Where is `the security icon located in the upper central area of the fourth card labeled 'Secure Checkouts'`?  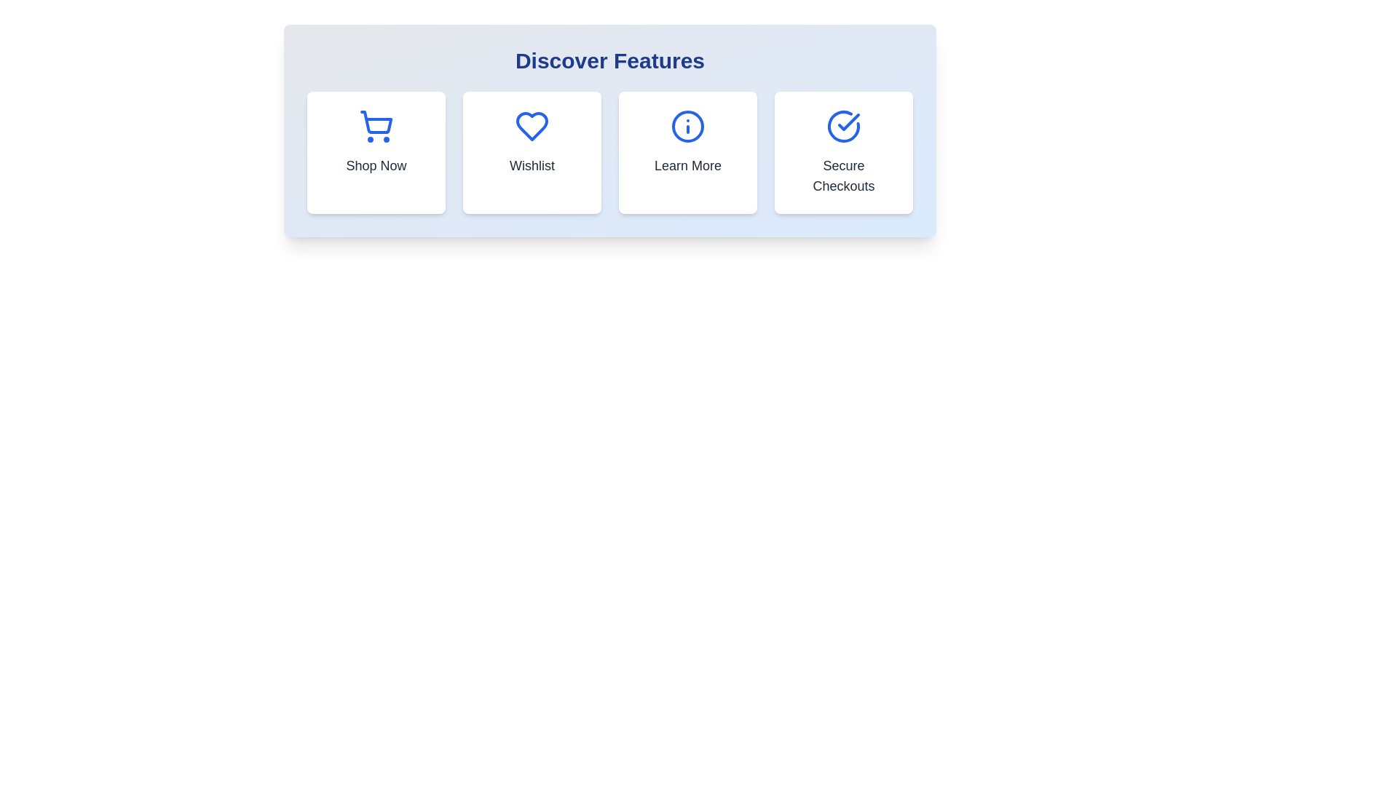 the security icon located in the upper central area of the fourth card labeled 'Secure Checkouts' is located at coordinates (843, 125).